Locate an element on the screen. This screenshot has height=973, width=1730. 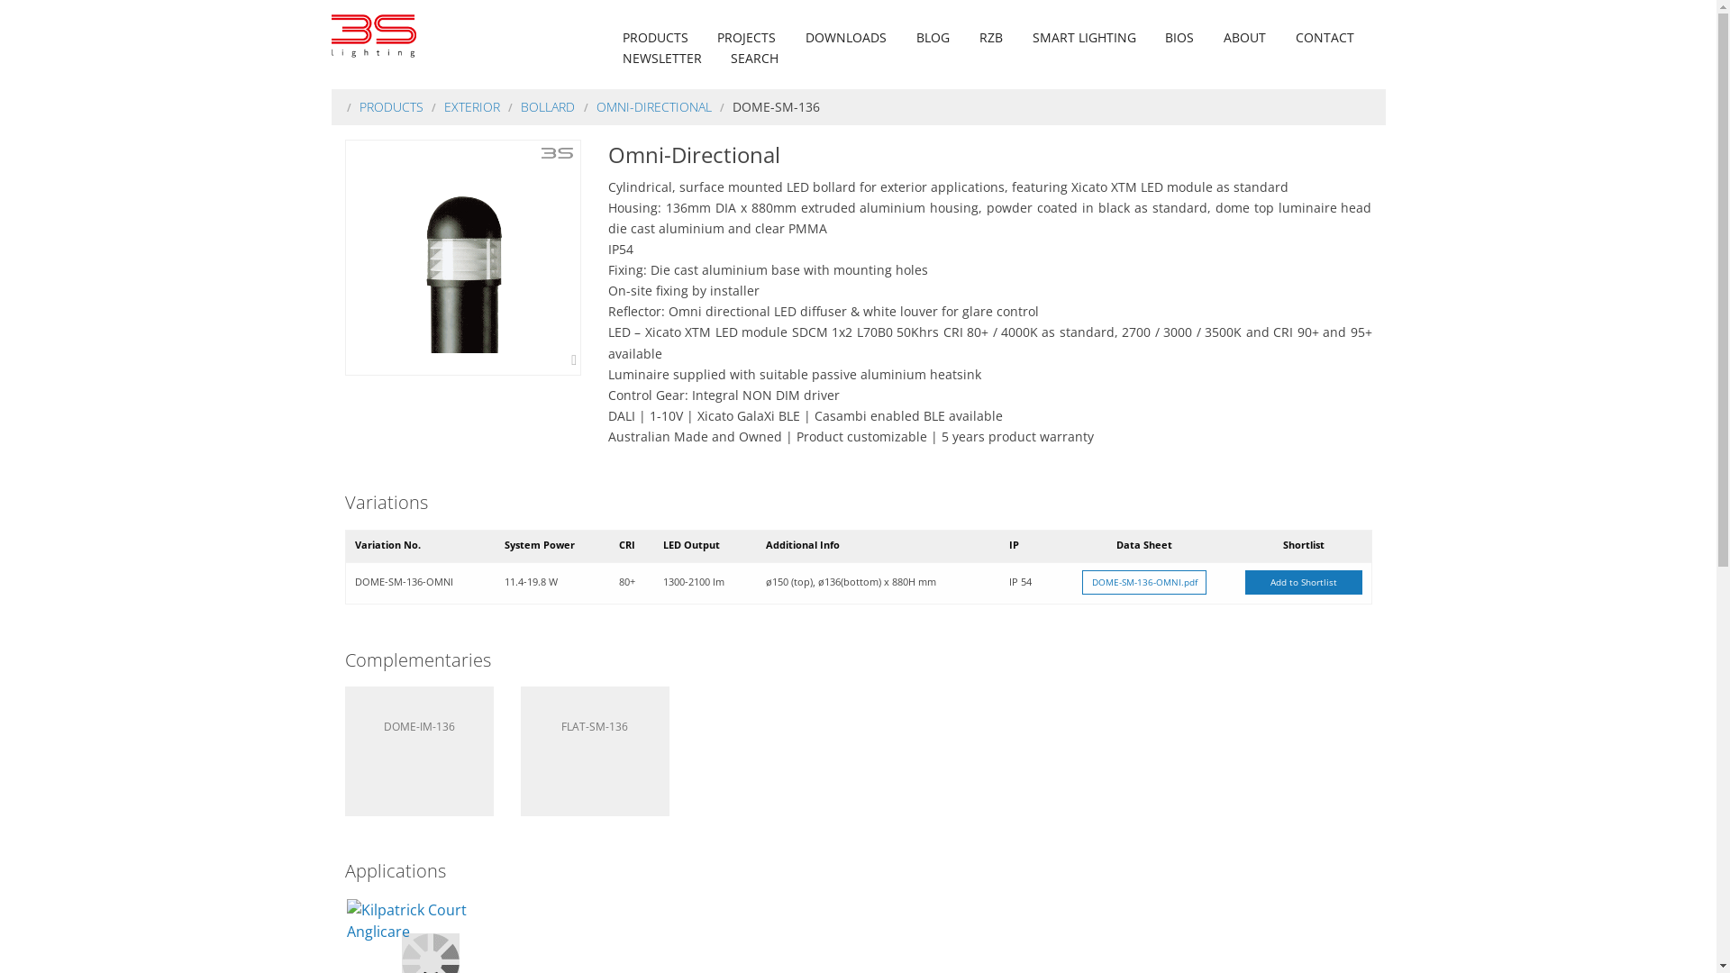
'SEARCH' is located at coordinates (754, 57).